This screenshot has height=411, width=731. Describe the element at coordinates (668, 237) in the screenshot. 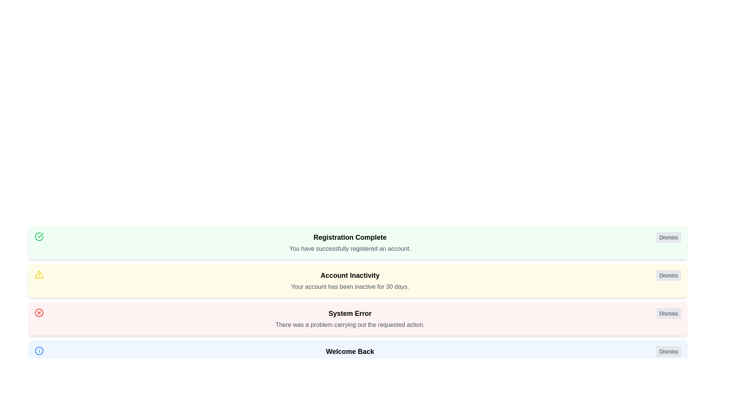

I see `the 'Dismiss' button located in the top-right corner of the green notification box to change its background color` at that location.